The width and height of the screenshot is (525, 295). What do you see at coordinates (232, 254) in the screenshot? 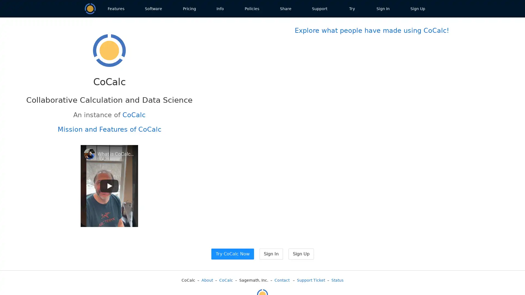
I see `Try CoCalc Now` at bounding box center [232, 254].